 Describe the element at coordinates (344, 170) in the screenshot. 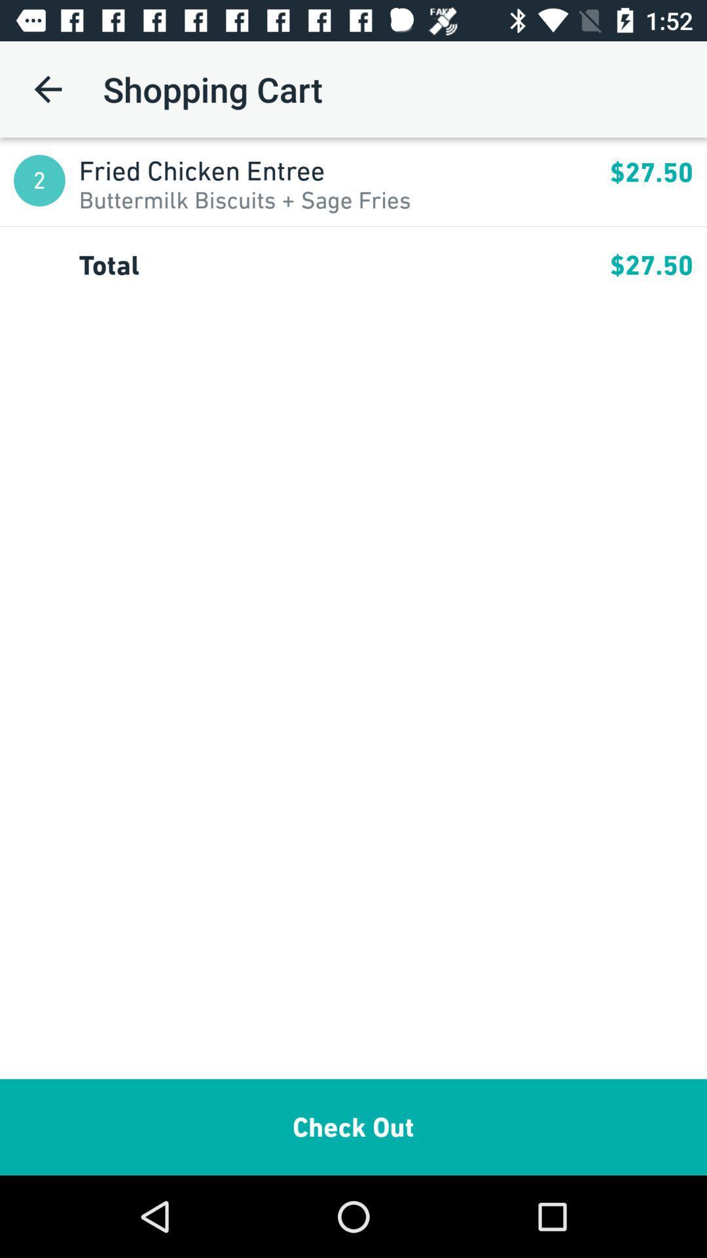

I see `the item next to $27.50 app` at that location.